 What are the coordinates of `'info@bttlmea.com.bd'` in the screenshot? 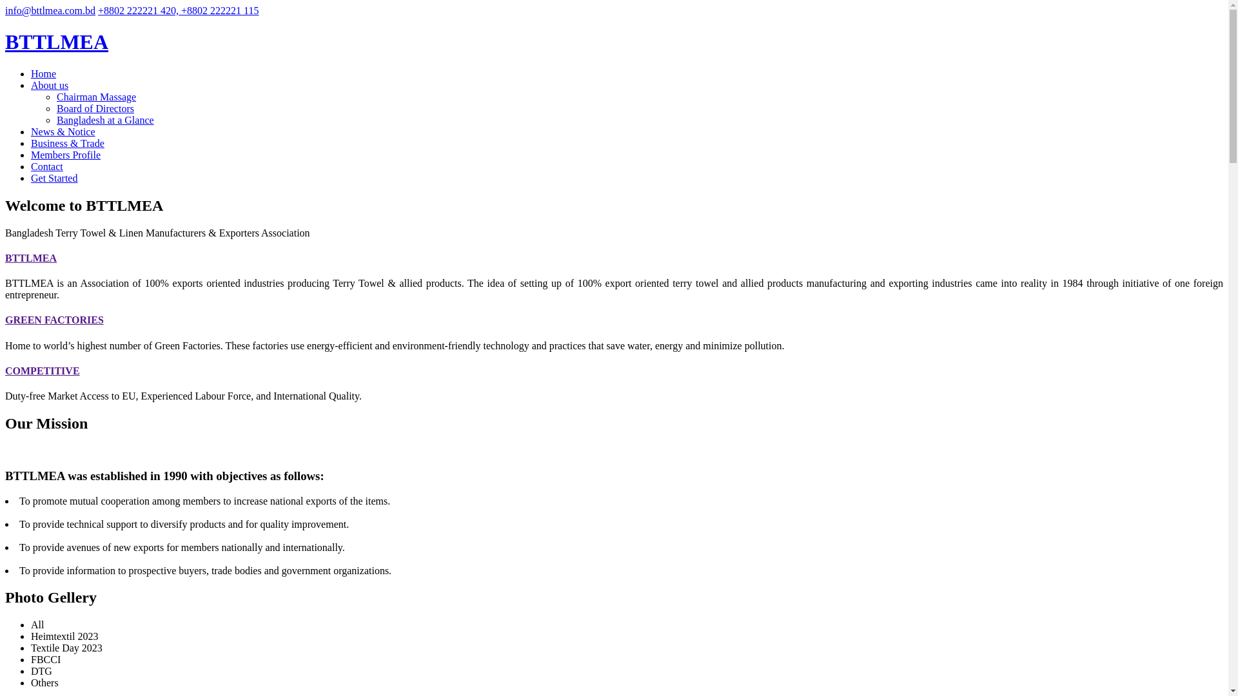 It's located at (50, 10).